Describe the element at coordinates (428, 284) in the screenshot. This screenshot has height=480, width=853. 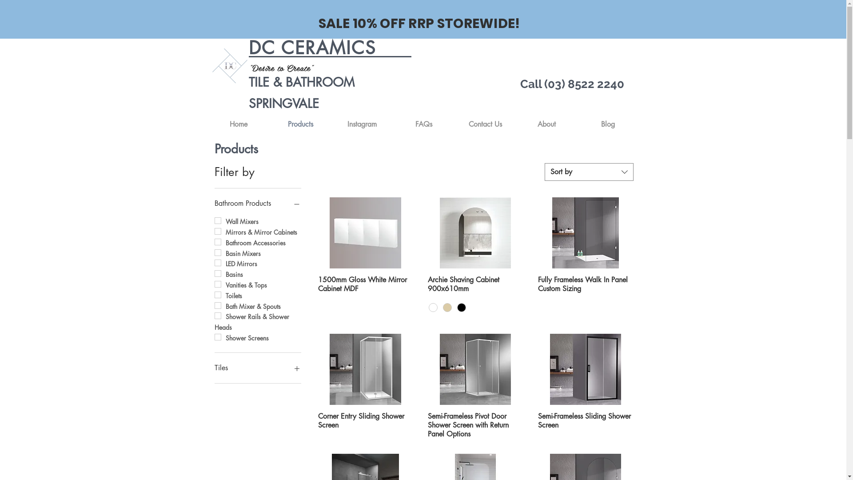
I see `'Archie Shaving Cabinet 900x610mm'` at that location.